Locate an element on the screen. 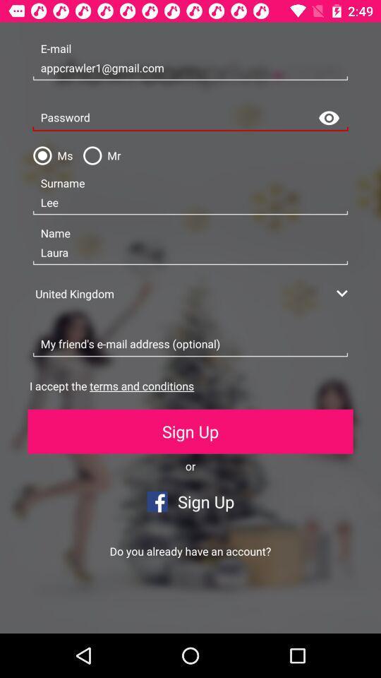 The height and width of the screenshot is (678, 381). insert friends email option is located at coordinates (190, 344).